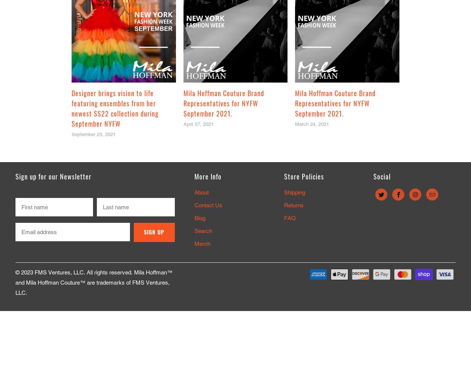 The height and width of the screenshot is (377, 471). What do you see at coordinates (208, 176) in the screenshot?
I see `'More Info'` at bounding box center [208, 176].